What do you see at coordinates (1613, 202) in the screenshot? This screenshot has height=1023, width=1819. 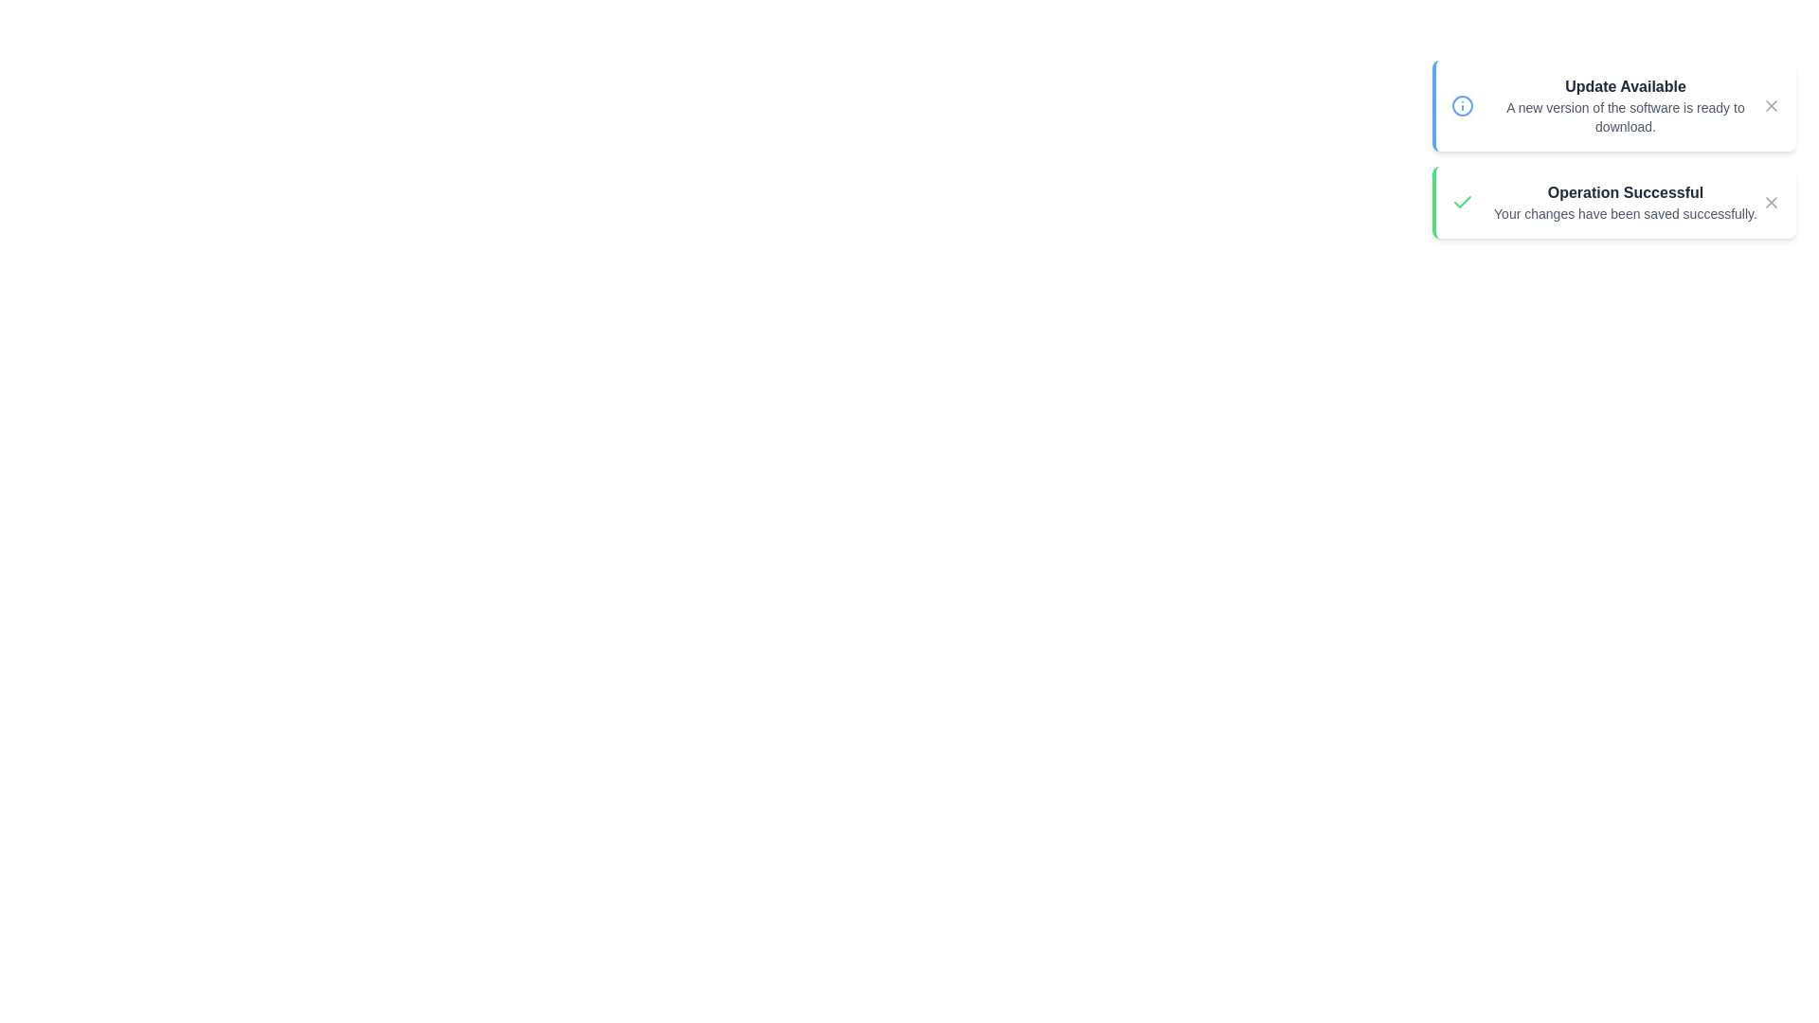 I see `the Notification panel that displays a confirmation message for the user indicating that their operation was successful, located beneath the blue 'Update Available' message` at bounding box center [1613, 202].